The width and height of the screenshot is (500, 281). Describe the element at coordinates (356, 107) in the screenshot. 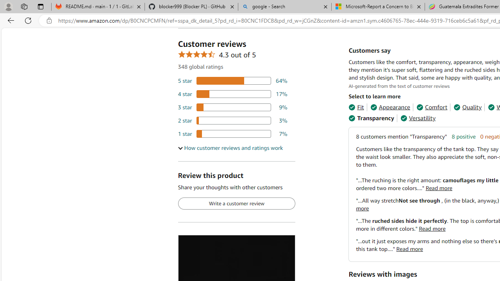

I see `'Fit'` at that location.